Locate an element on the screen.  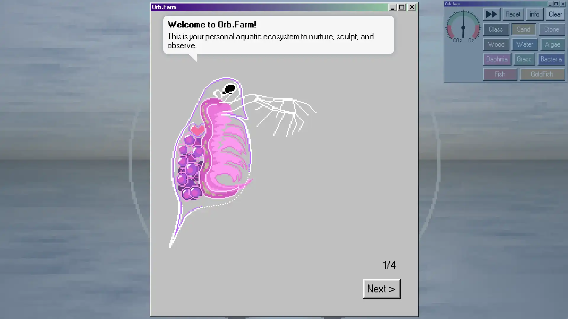
Grass is located at coordinates (279, 31).